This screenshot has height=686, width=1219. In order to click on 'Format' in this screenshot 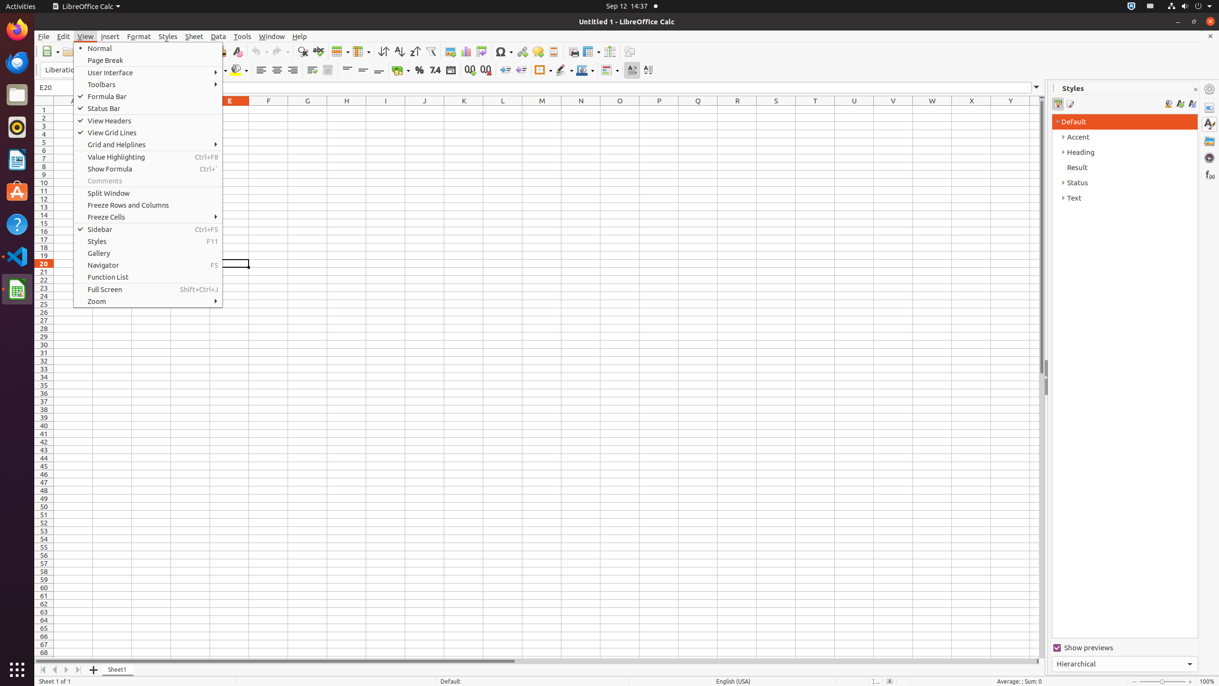, I will do `click(139, 36)`.